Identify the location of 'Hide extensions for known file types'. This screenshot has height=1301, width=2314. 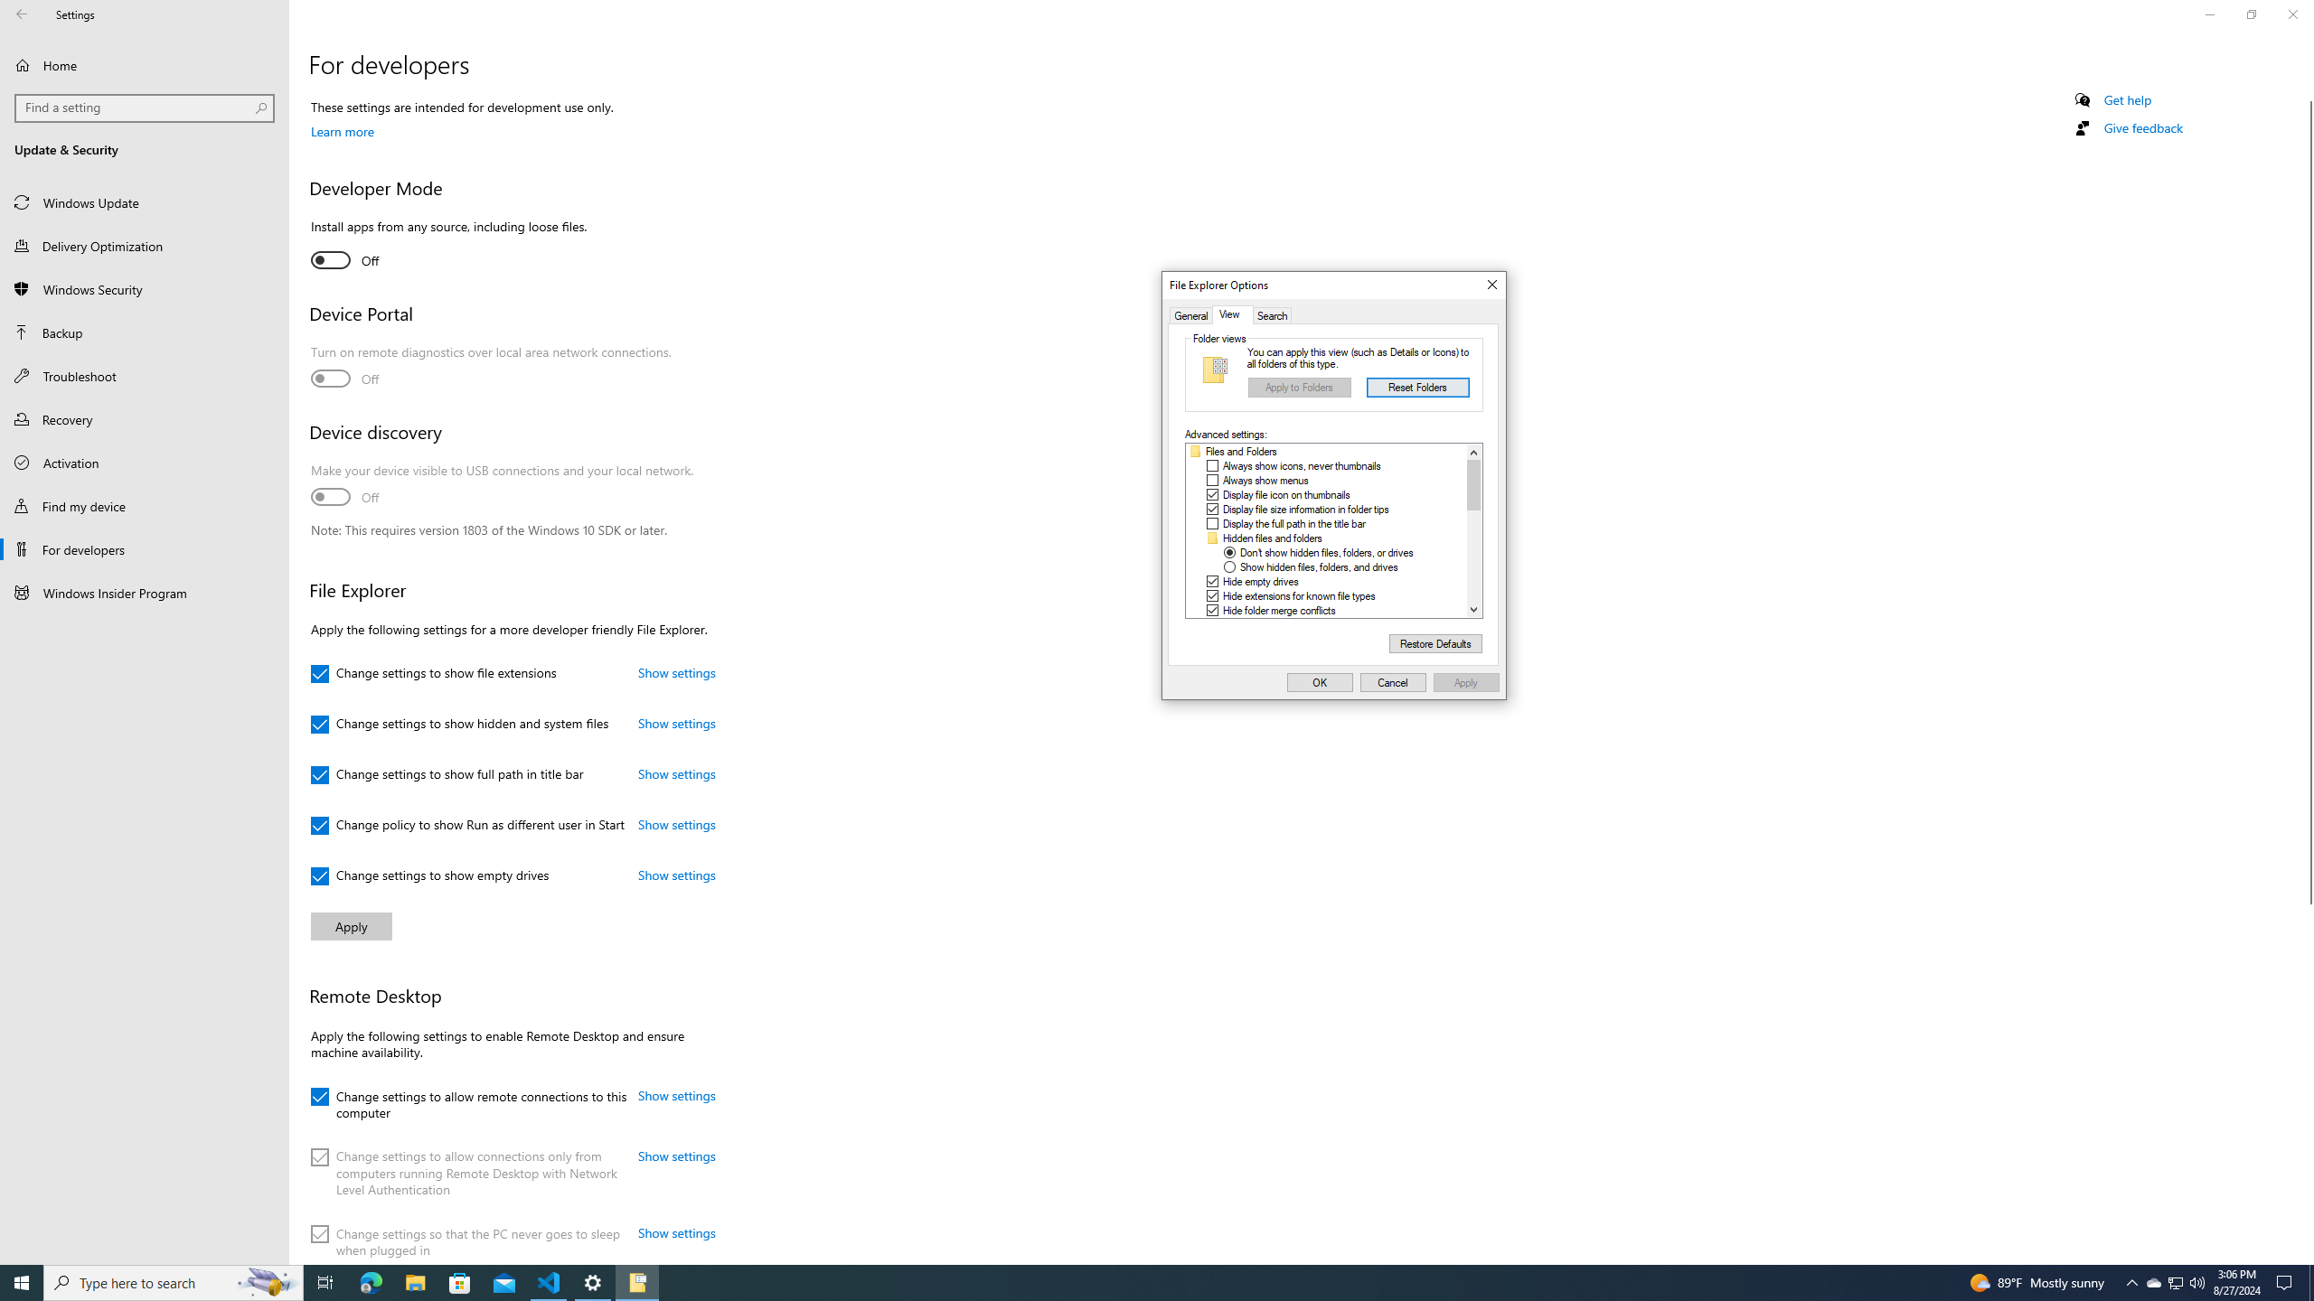
(1298, 595).